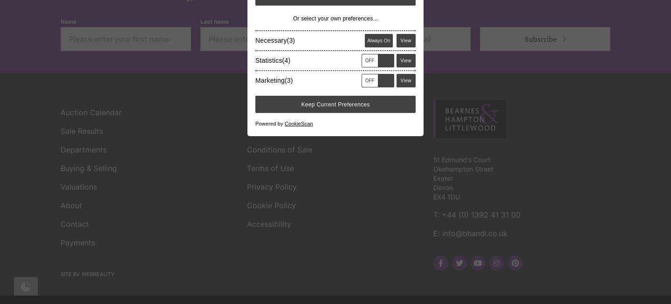  What do you see at coordinates (443, 43) in the screenshot?
I see `'Exeter'` at bounding box center [443, 43].